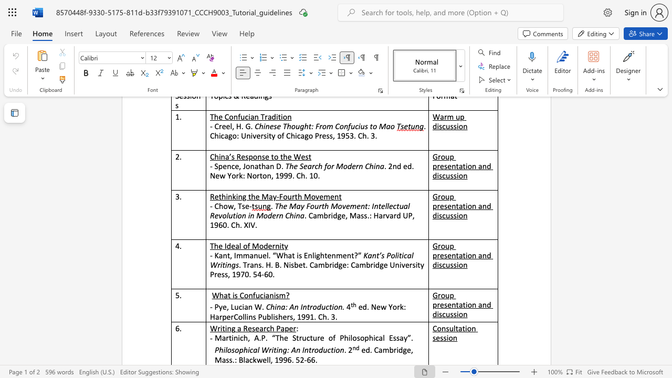 Image resolution: width=672 pixels, height=378 pixels. I want to click on the subset text "e, Mass.: Blackwell, 1" within the text "ed. Cambridge, Mass.: Blackwell, 1996. 52-66.", so click(406, 350).